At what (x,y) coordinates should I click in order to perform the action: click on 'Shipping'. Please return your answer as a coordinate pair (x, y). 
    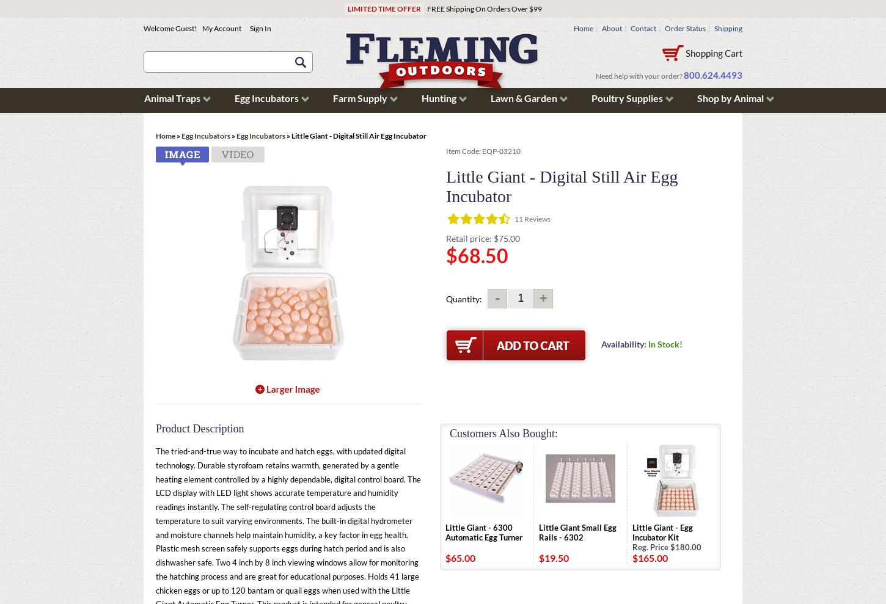
    Looking at the image, I should click on (728, 27).